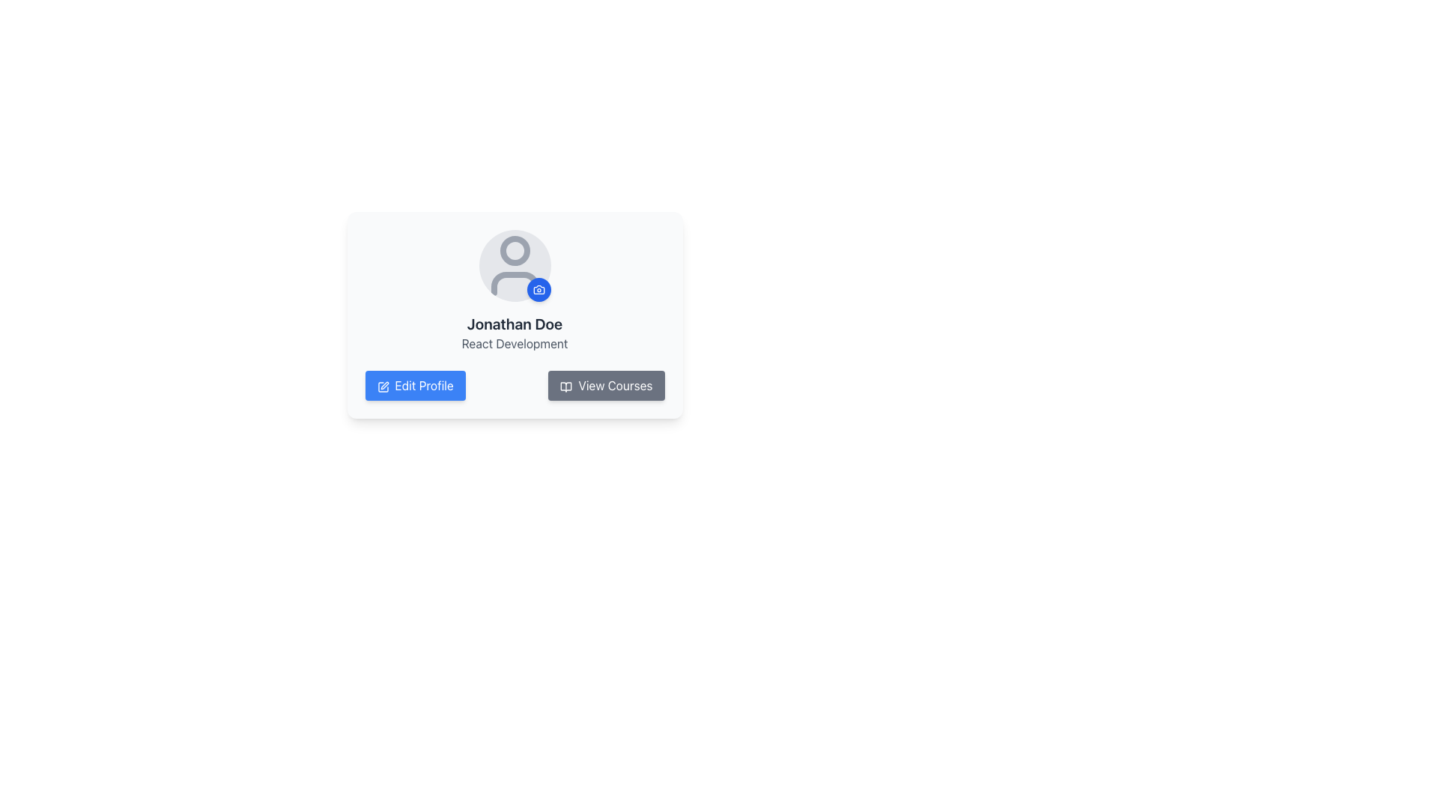  Describe the element at coordinates (515, 332) in the screenshot. I see `text displayed in the text display element which shows 'Jonathan Doe' and 'React Development' centered on a white card background` at that location.